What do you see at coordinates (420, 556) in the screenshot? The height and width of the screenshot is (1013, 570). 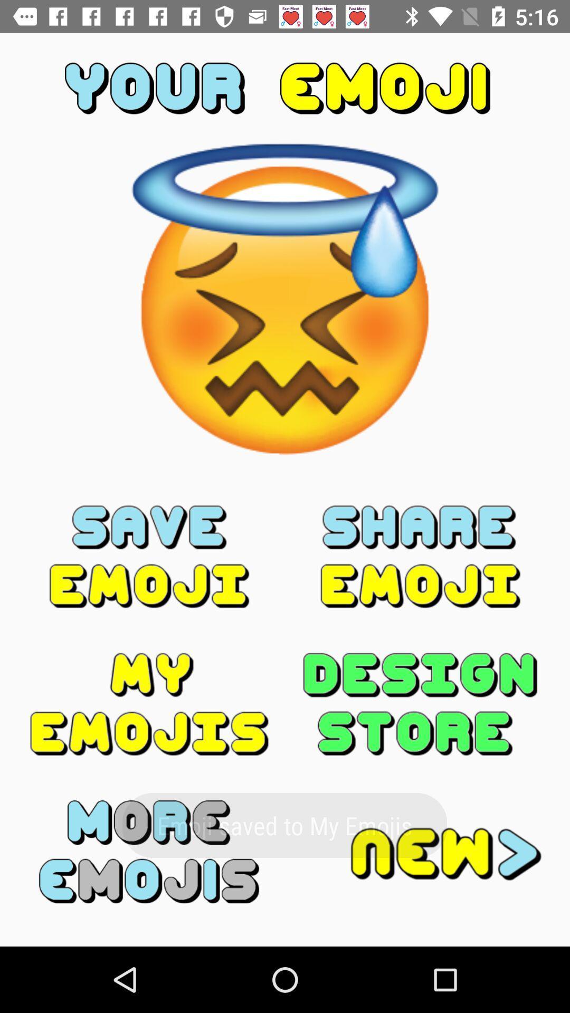 I see `icon on the right` at bounding box center [420, 556].